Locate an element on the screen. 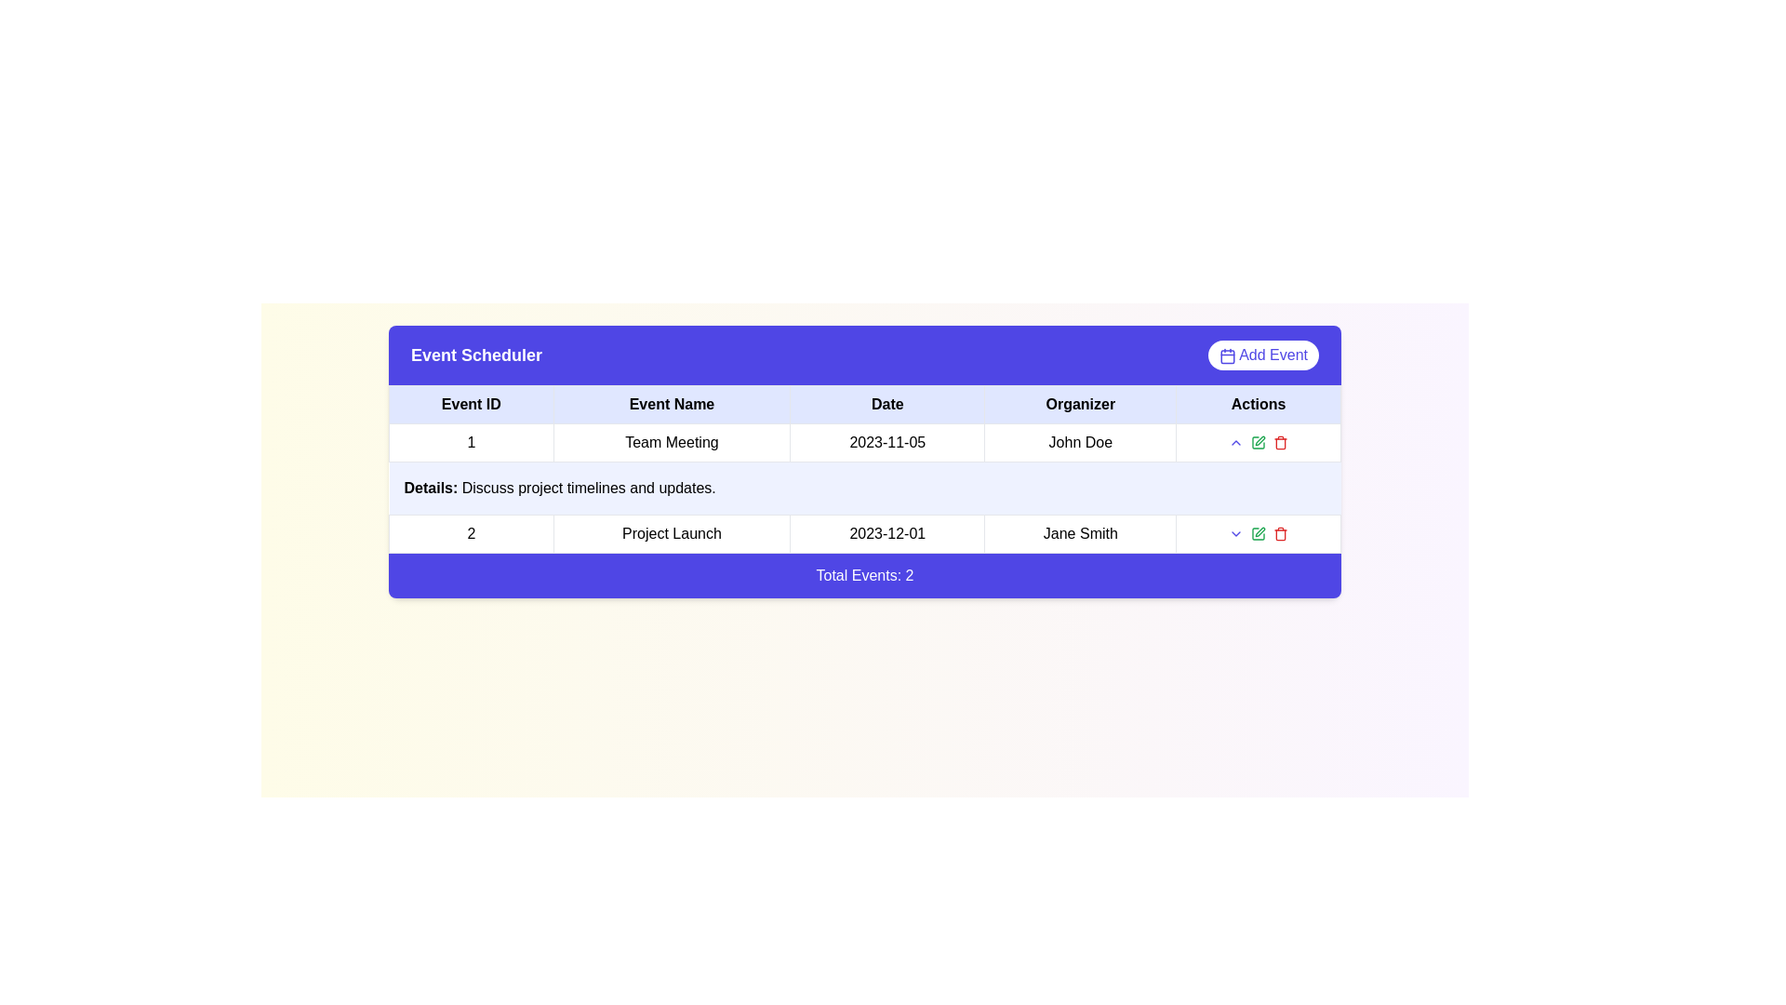 The height and width of the screenshot is (1005, 1786). the edit button located in the 'Actions' column of the second data row in the table to enter edit mode is located at coordinates (1260, 531).